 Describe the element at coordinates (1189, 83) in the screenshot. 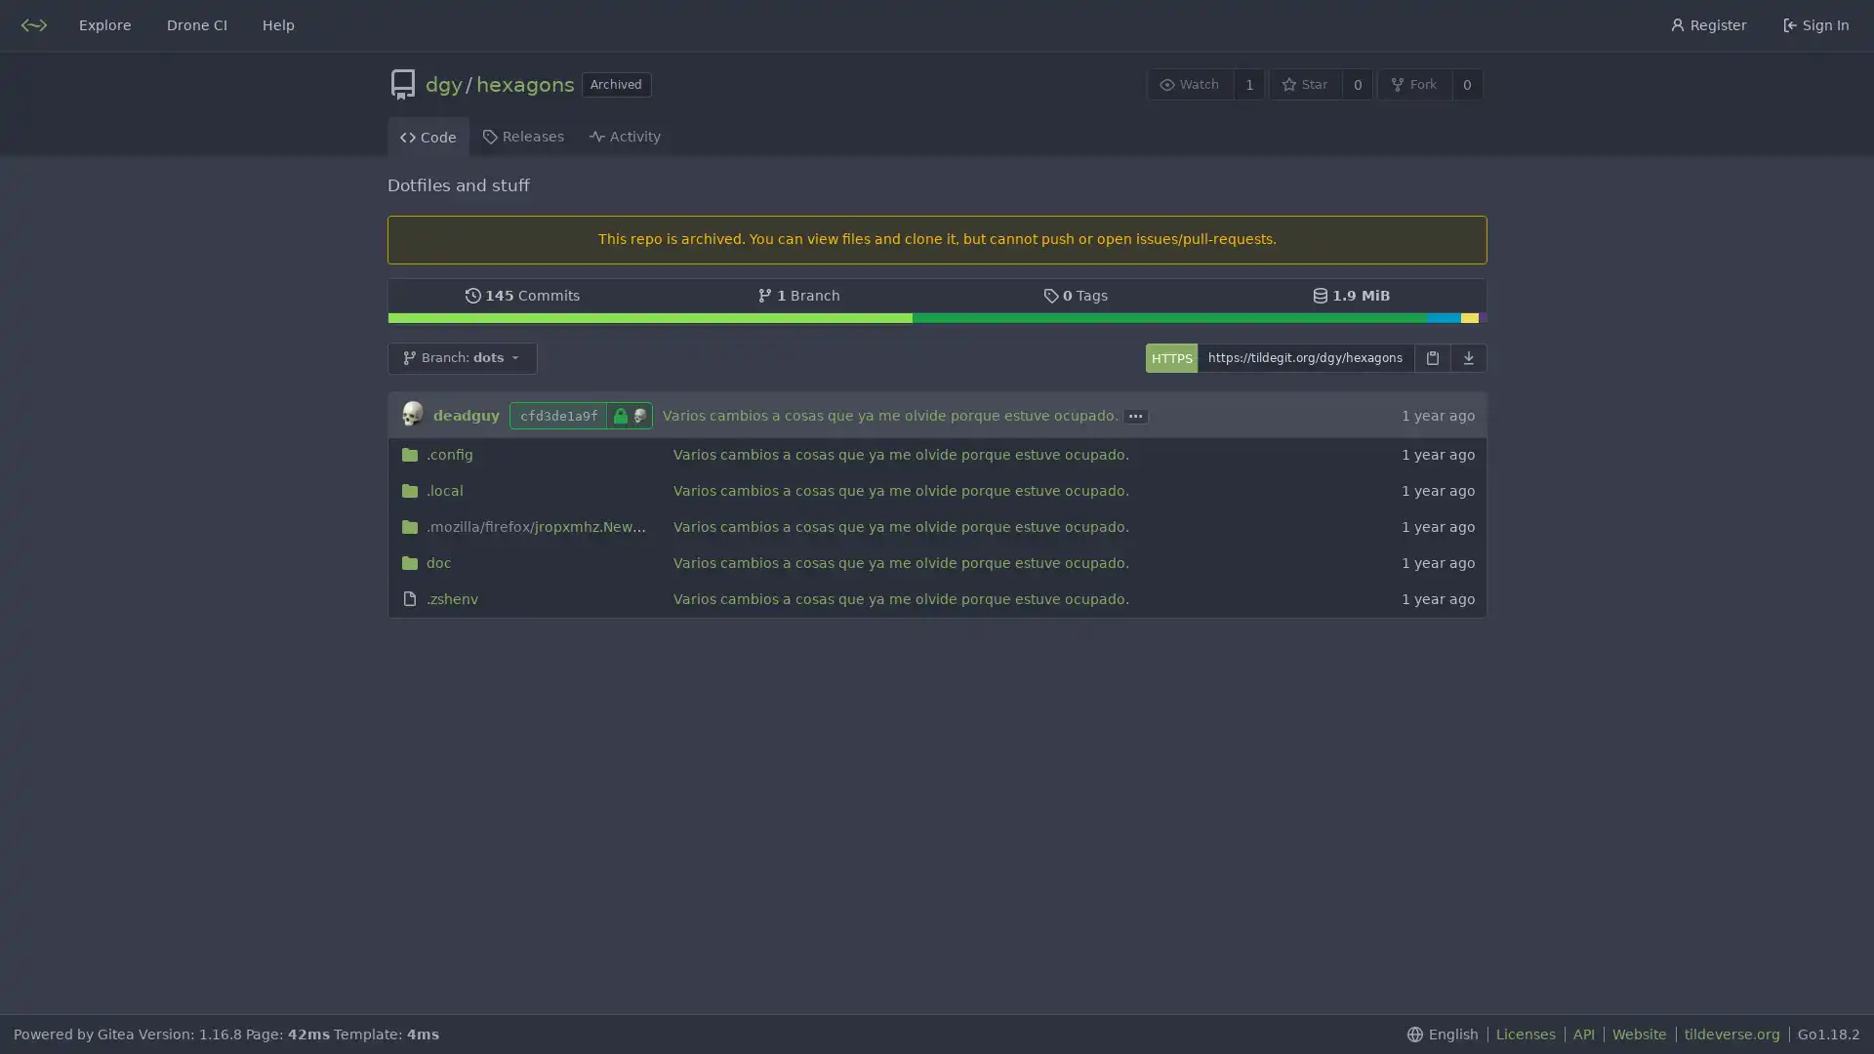

I see `Watch` at that location.